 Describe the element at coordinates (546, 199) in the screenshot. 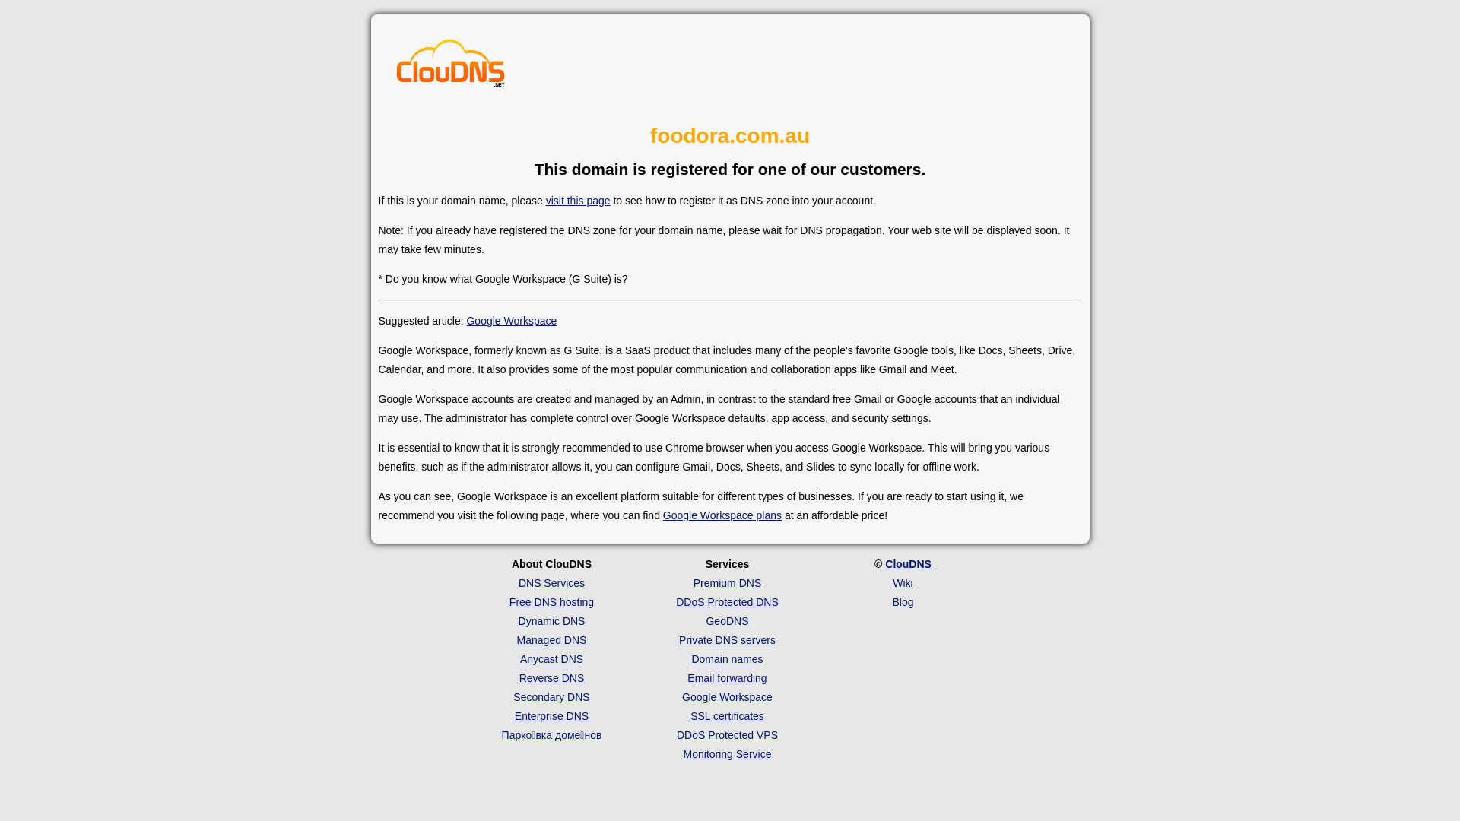

I see `'visit this page'` at that location.